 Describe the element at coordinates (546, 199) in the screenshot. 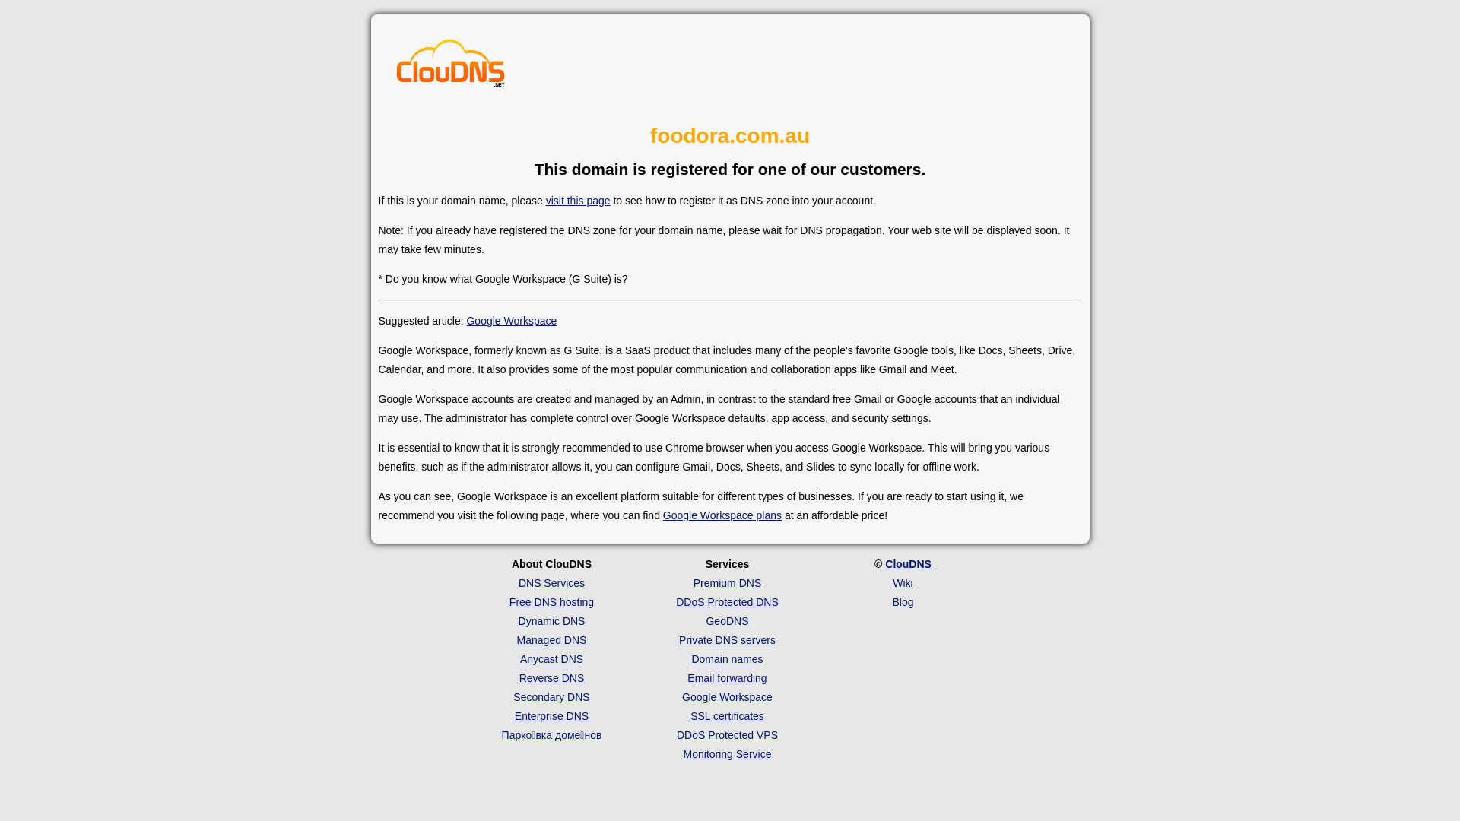

I see `'visit this page'` at that location.